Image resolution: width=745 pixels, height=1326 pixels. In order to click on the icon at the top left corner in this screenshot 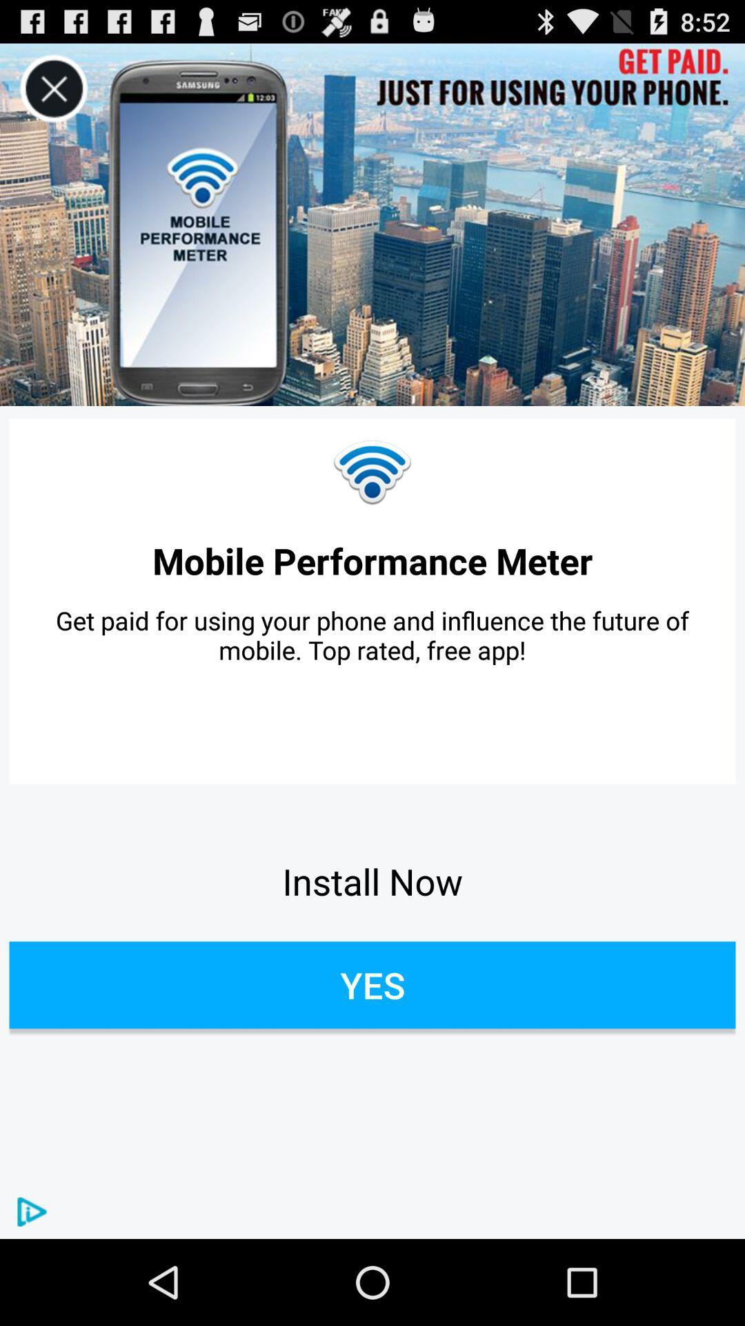, I will do `click(53, 88)`.